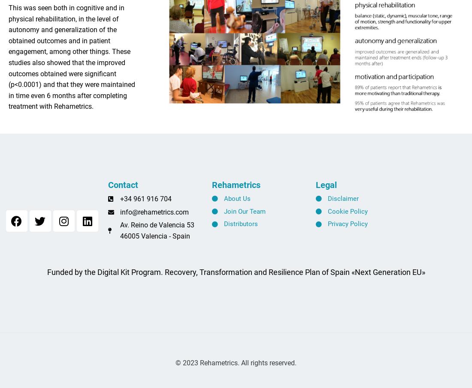 The image size is (472, 388). I want to click on '+34 961 916 704', so click(145, 202).